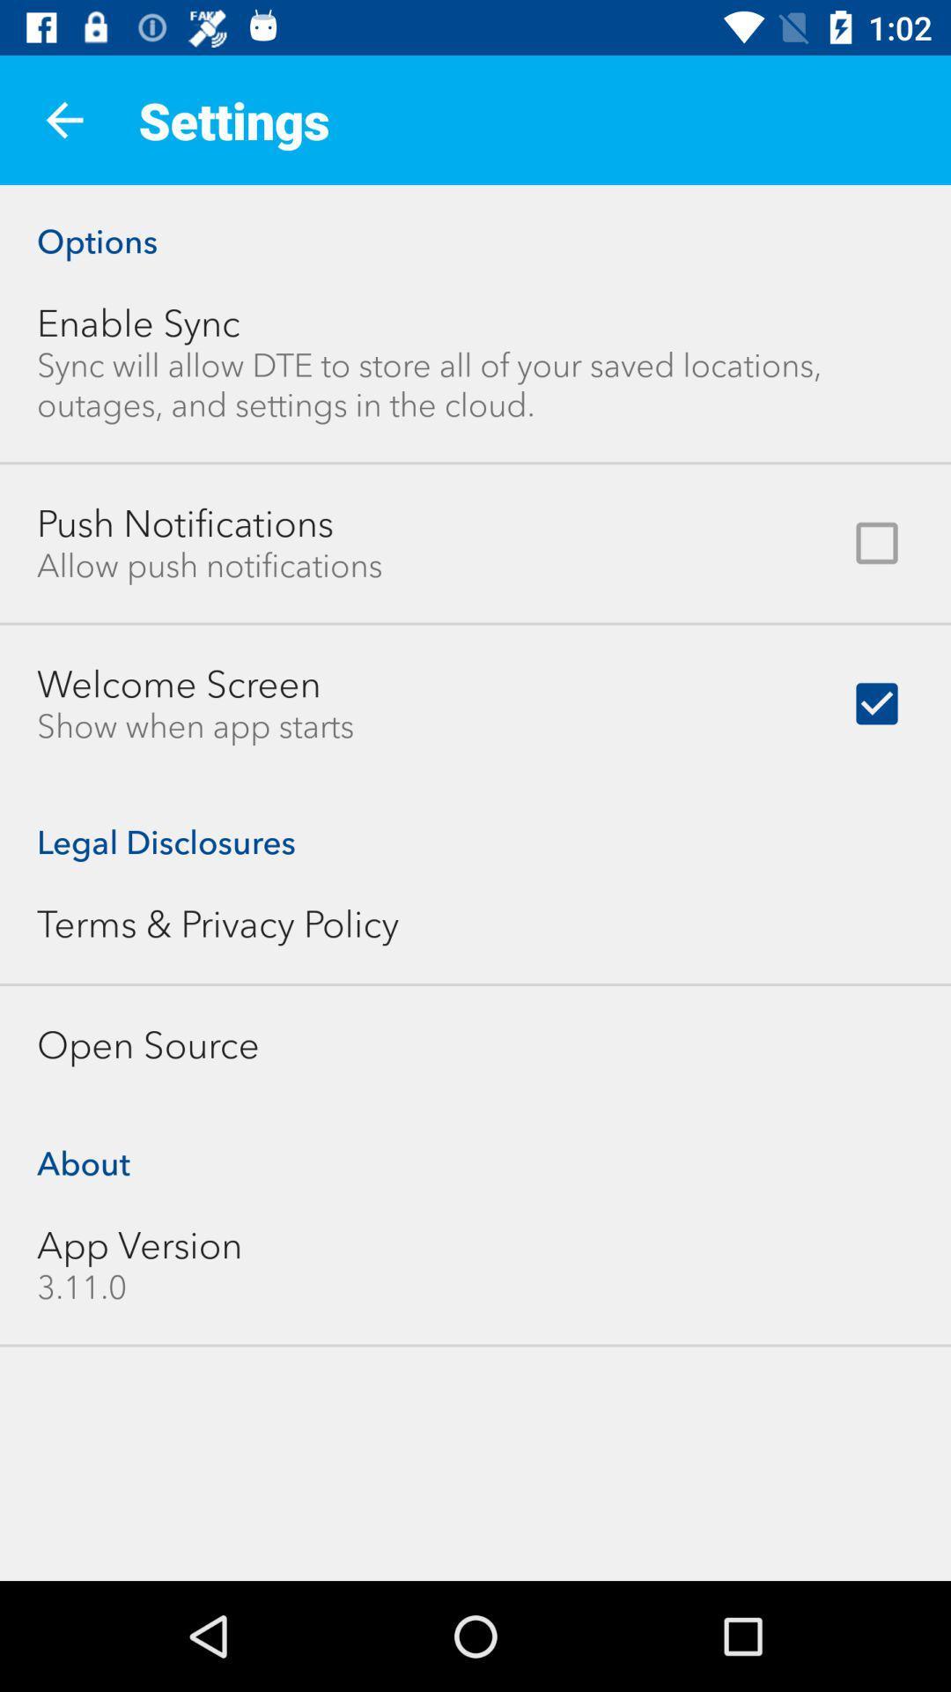  I want to click on item below the about icon, so click(138, 1244).